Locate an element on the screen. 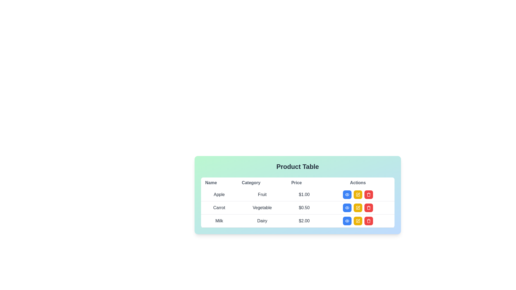 This screenshot has width=516, height=290. the edit button for 'Carrot' in the 'Actions' column of the table is located at coordinates (358, 208).